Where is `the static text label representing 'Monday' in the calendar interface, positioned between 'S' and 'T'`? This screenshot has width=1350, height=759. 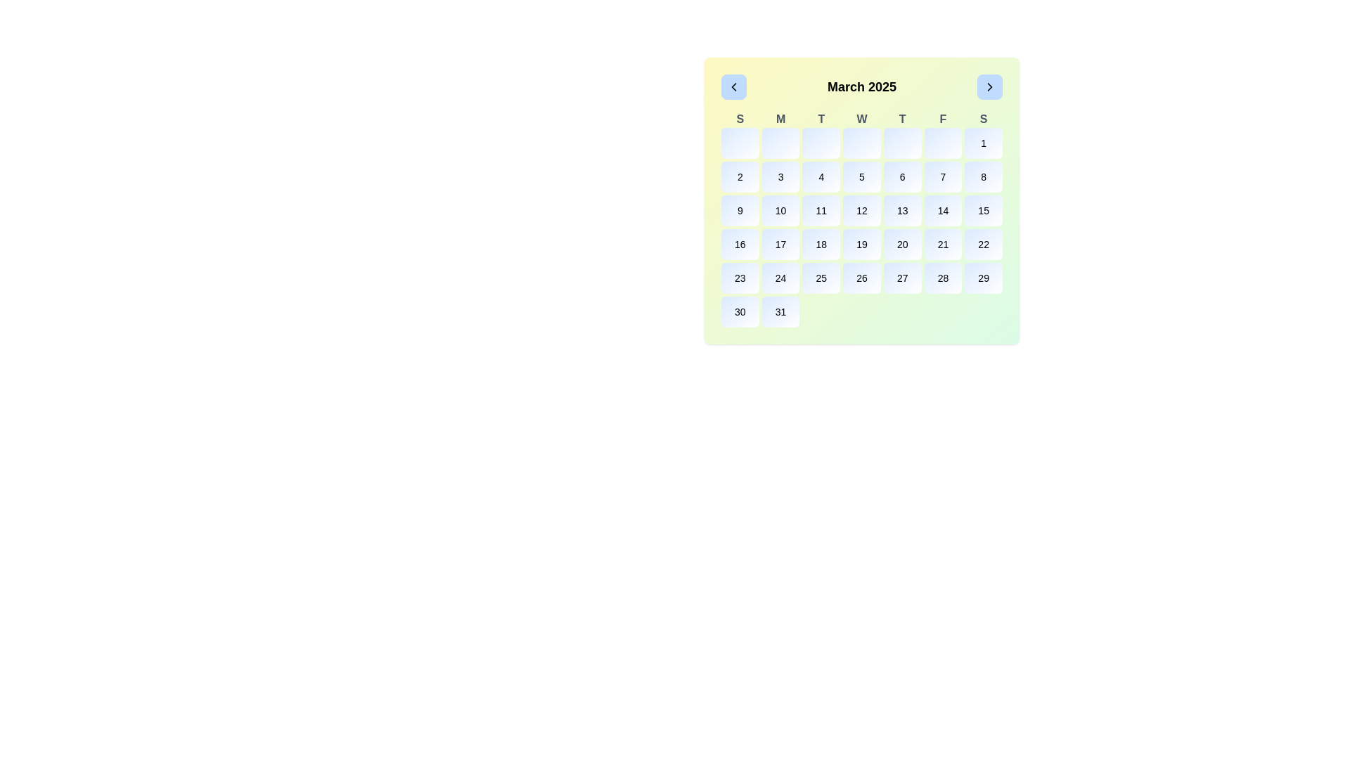 the static text label representing 'Monday' in the calendar interface, positioned between 'S' and 'T' is located at coordinates (780, 118).